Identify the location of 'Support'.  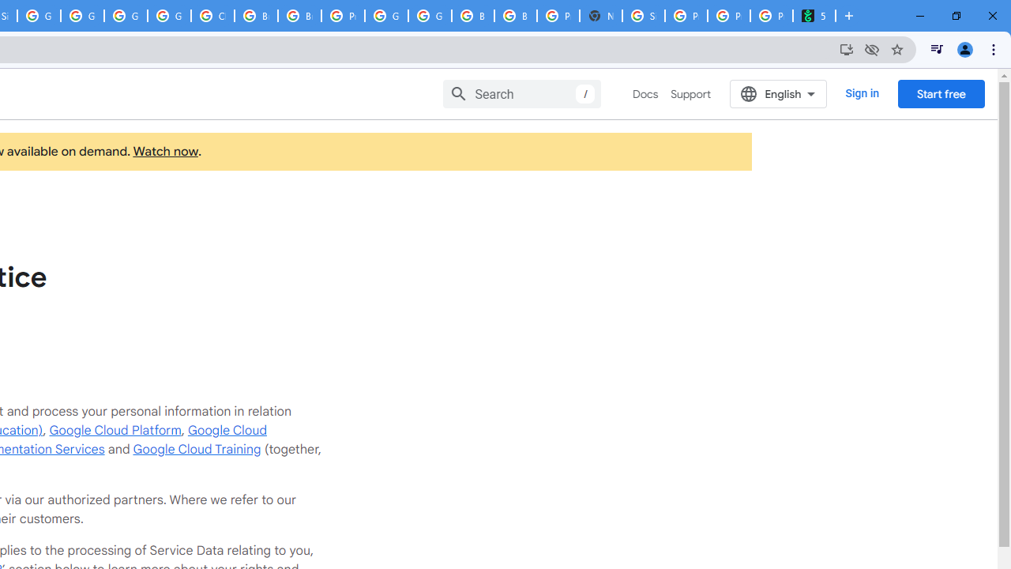
(690, 94).